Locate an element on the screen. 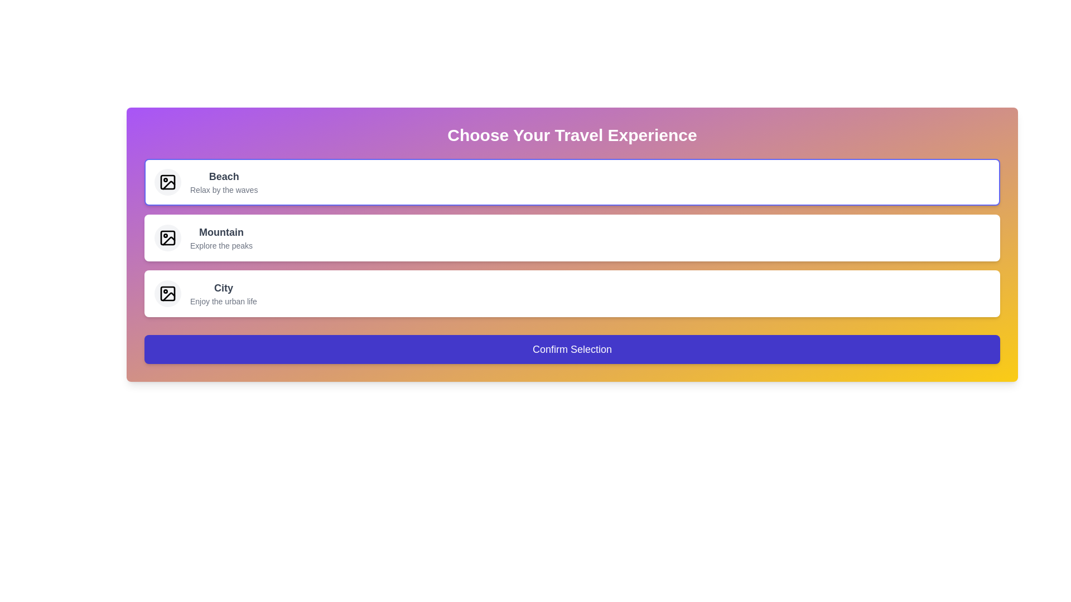  the 'Confirm Selection' button, which has a blue background and white text, located at the bottom of the panel is located at coordinates (572, 349).